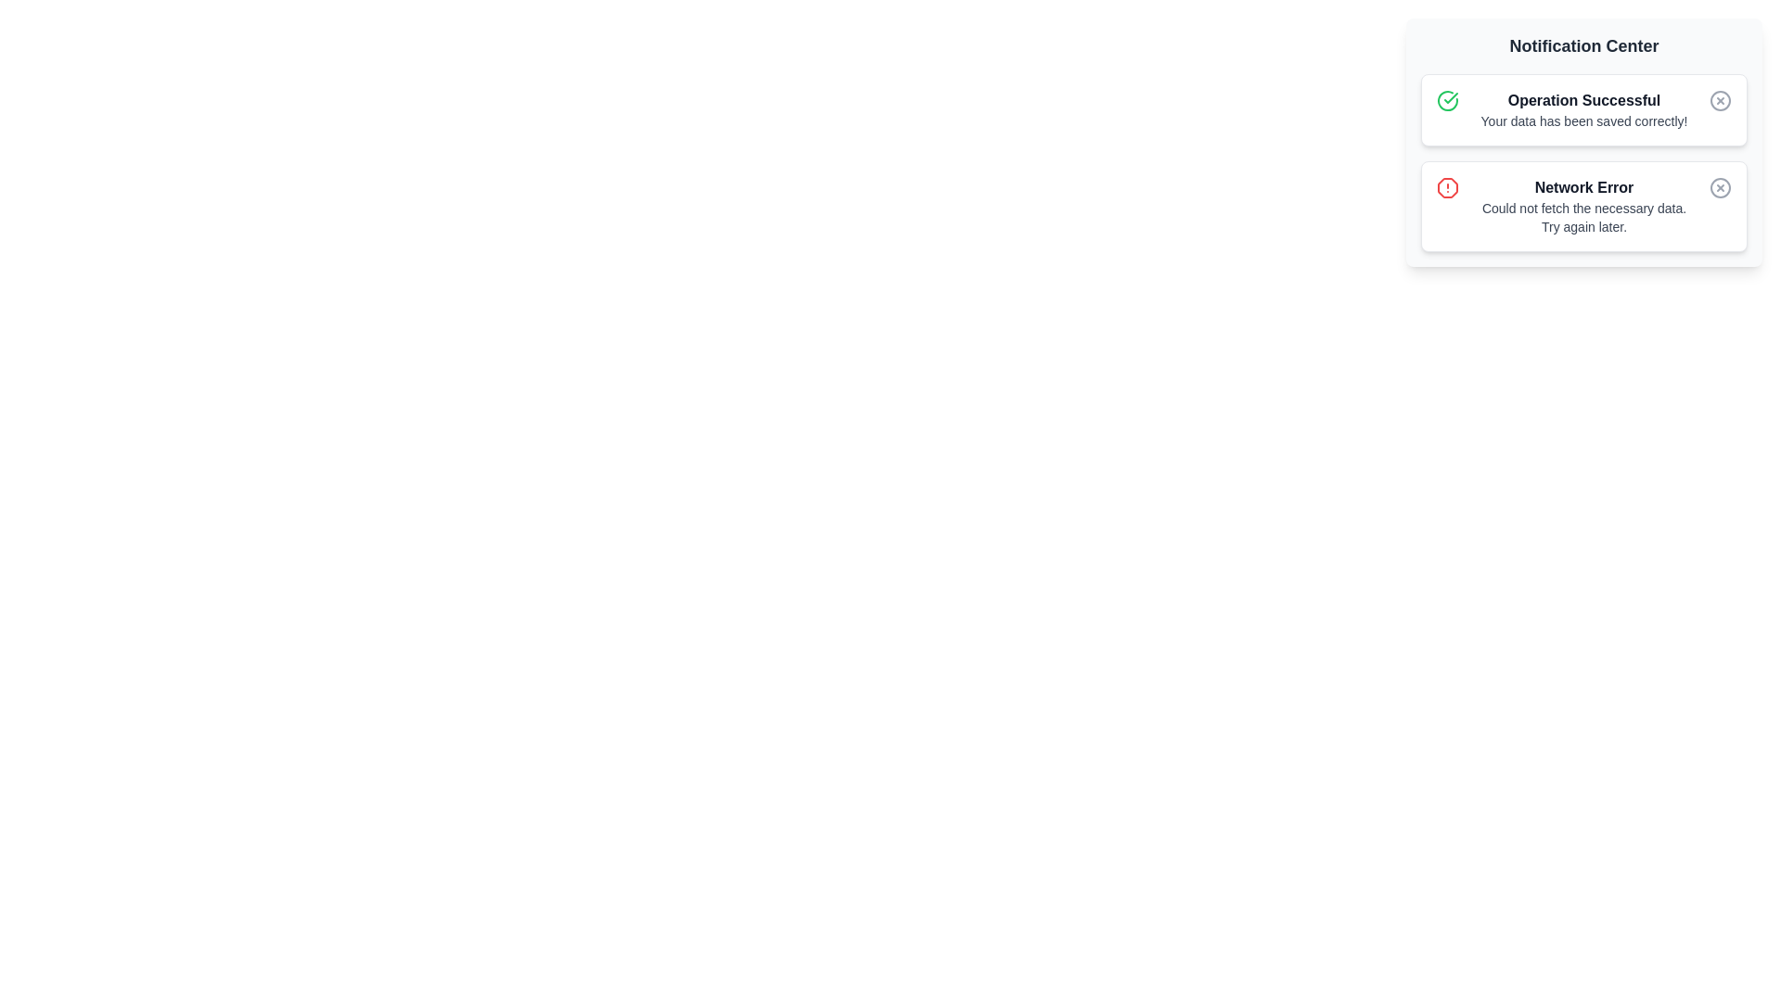  What do you see at coordinates (1446, 188) in the screenshot?
I see `the error icon located to the left of the text 'Network Error' in the notification center, which is positioned in the second row of notifications` at bounding box center [1446, 188].